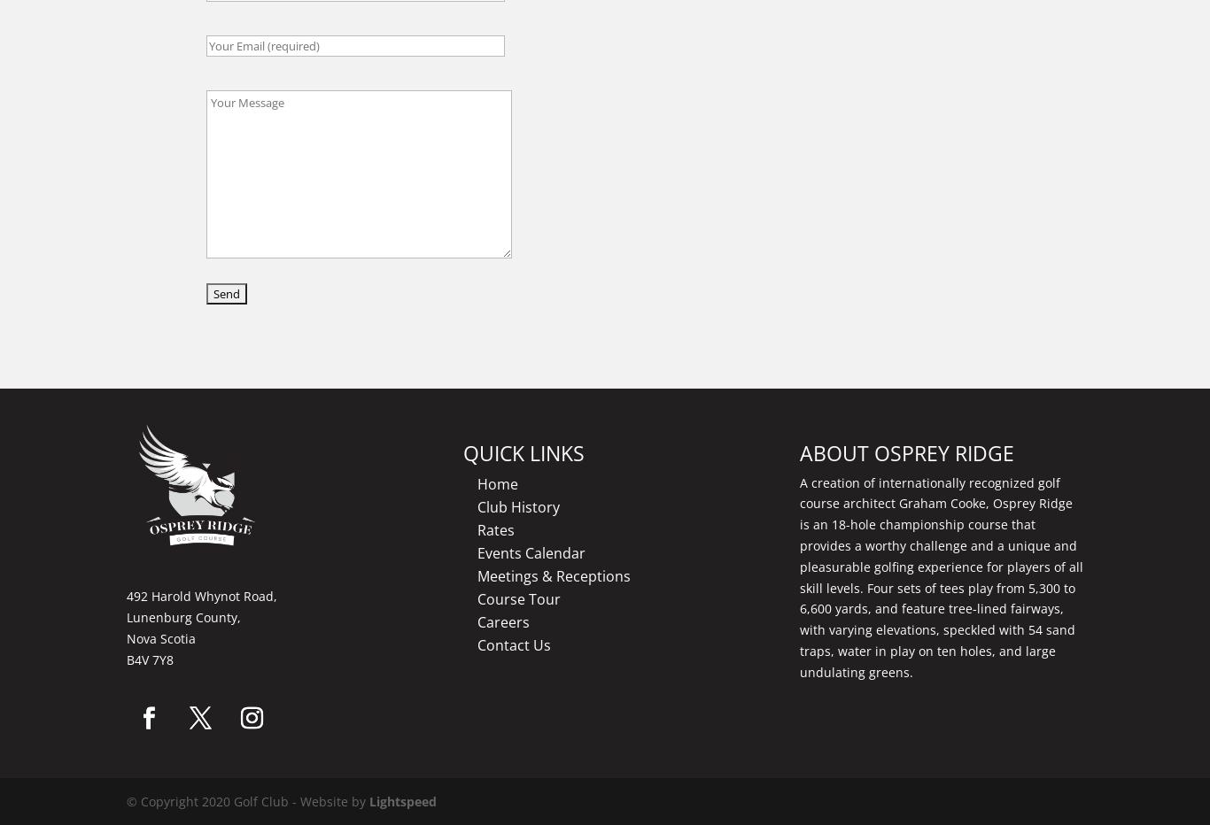 The image size is (1210, 825). I want to click on 'ABOUT OSPREY RIDGE', so click(797, 451).